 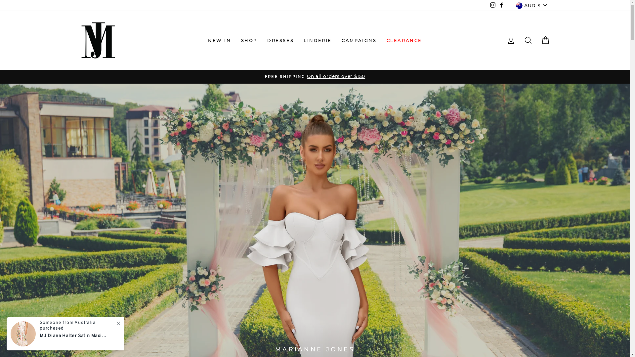 I want to click on 'CART', so click(x=545, y=40).